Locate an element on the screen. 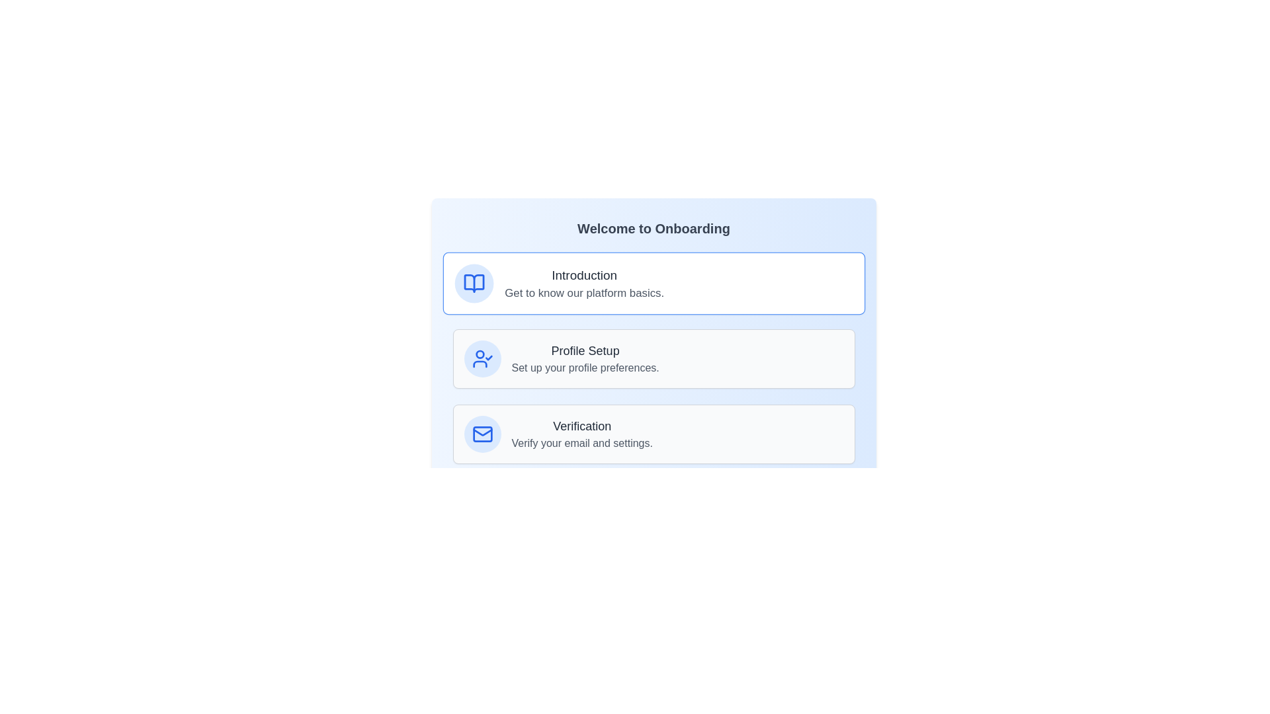 This screenshot has width=1270, height=714. descriptive context provided in the text element located in the card below the heading 'Introduction' in the onboarding sequence is located at coordinates (583, 292).